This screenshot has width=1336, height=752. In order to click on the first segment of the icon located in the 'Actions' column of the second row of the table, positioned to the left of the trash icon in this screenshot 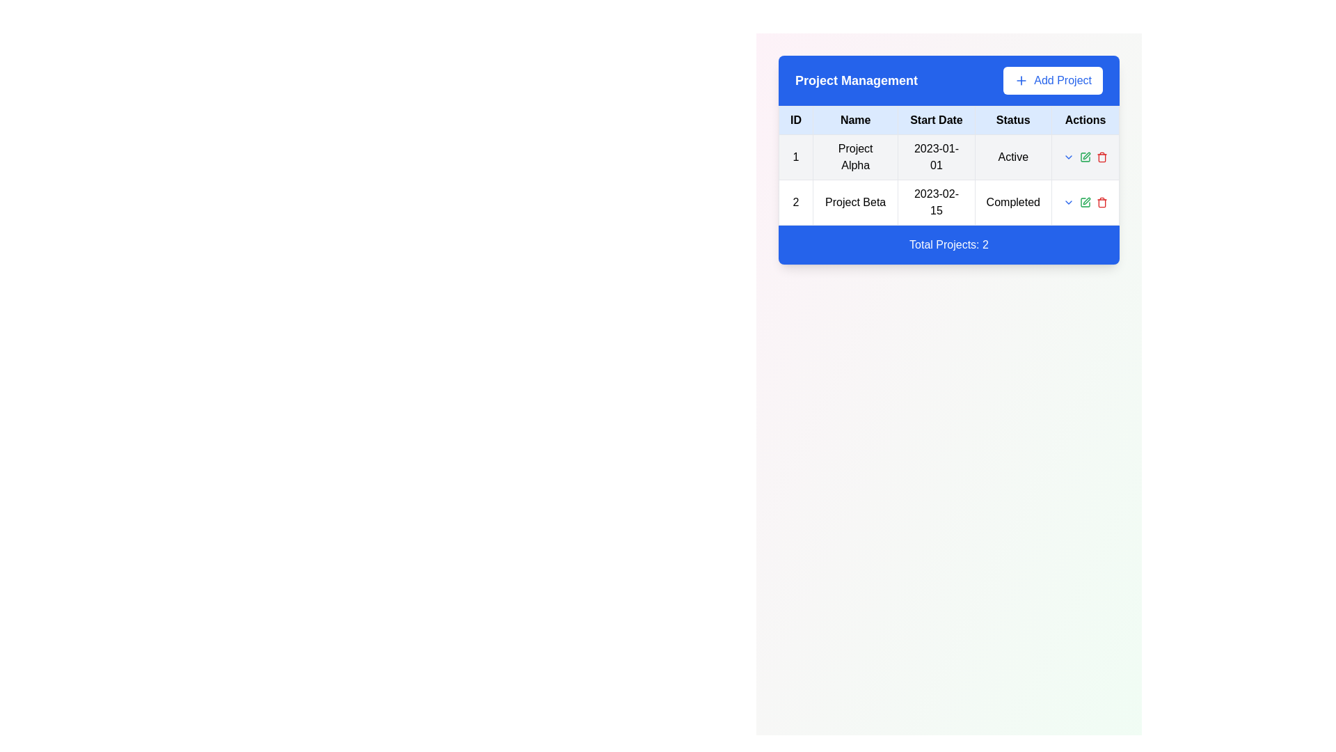, I will do `click(1085, 202)`.